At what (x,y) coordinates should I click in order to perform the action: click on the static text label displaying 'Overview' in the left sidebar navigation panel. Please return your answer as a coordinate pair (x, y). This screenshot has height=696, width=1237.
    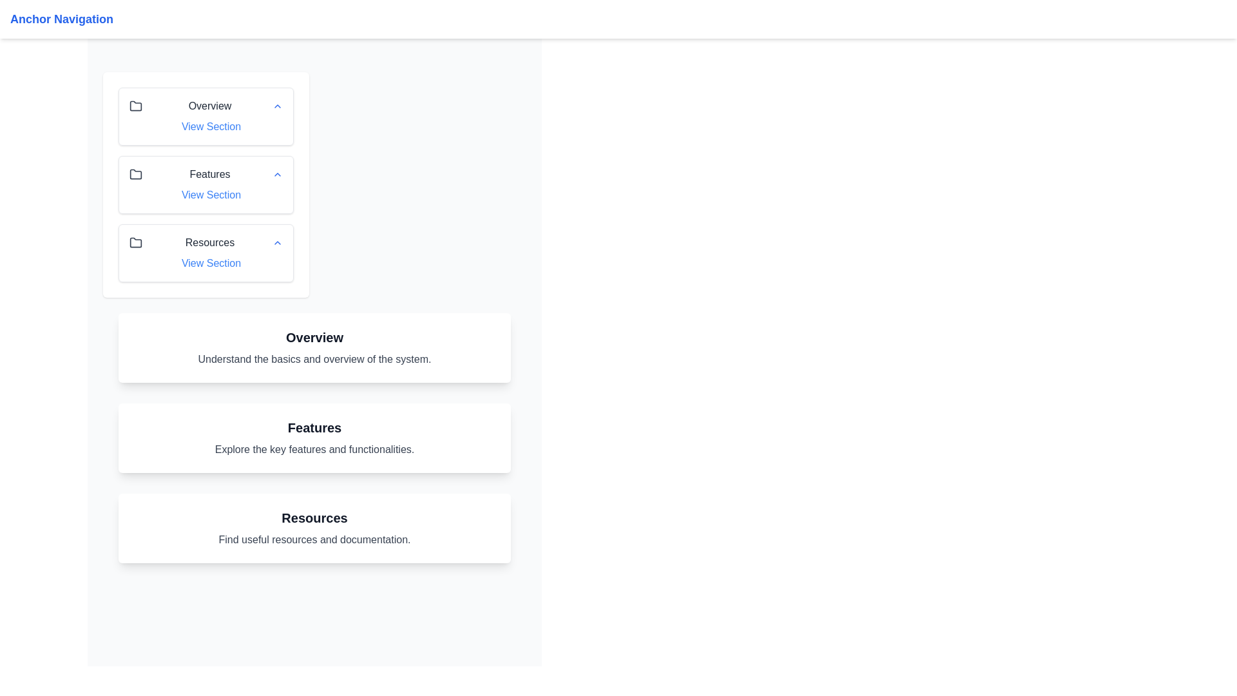
    Looking at the image, I should click on (210, 106).